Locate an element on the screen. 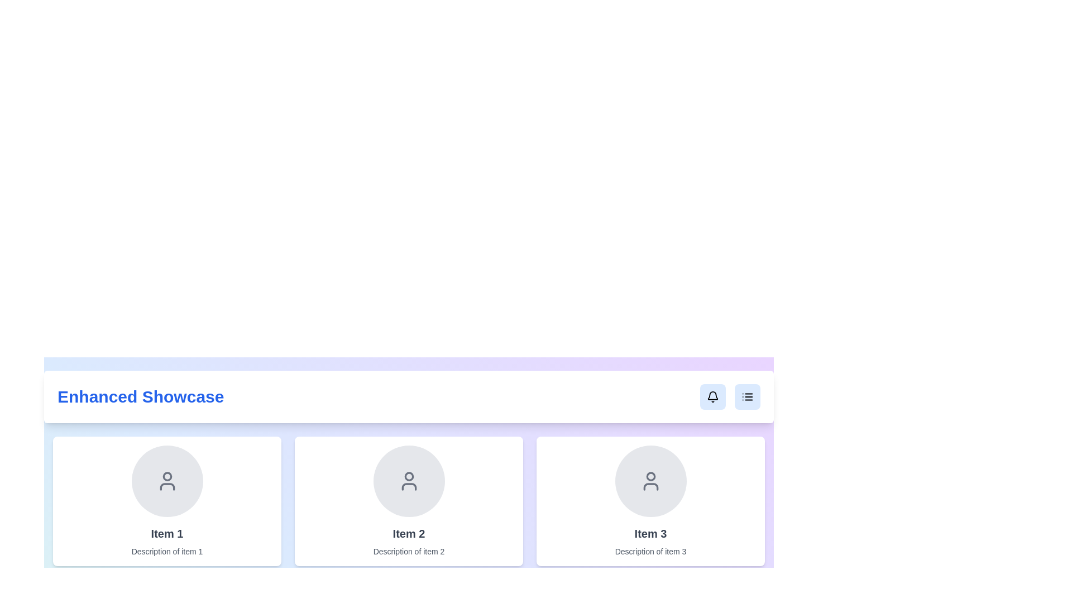 This screenshot has width=1072, height=603. the text label displaying 'Description of item 3', which is styled in smaller gray font and located below the title 'Item 3' in the third column of a three-column layout is located at coordinates (650, 551).